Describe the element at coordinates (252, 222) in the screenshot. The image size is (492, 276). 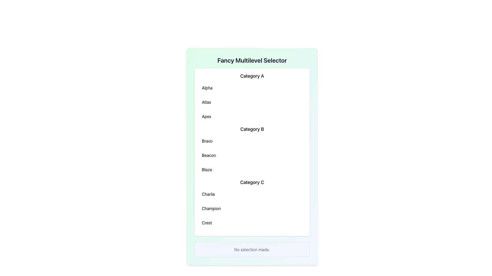
I see `the selectable list item displaying 'Crest' in bold font, which is the third option in the 'Category C' section` at that location.